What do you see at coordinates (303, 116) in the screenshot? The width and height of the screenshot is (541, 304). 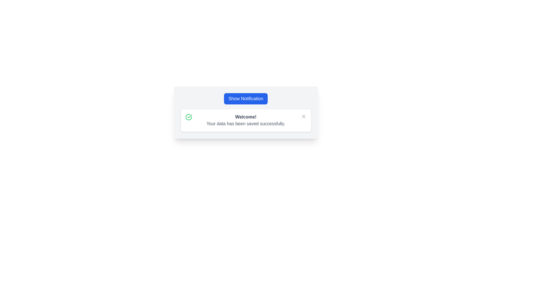 I see `the close button located in the top-right corner of the notification panel` at bounding box center [303, 116].